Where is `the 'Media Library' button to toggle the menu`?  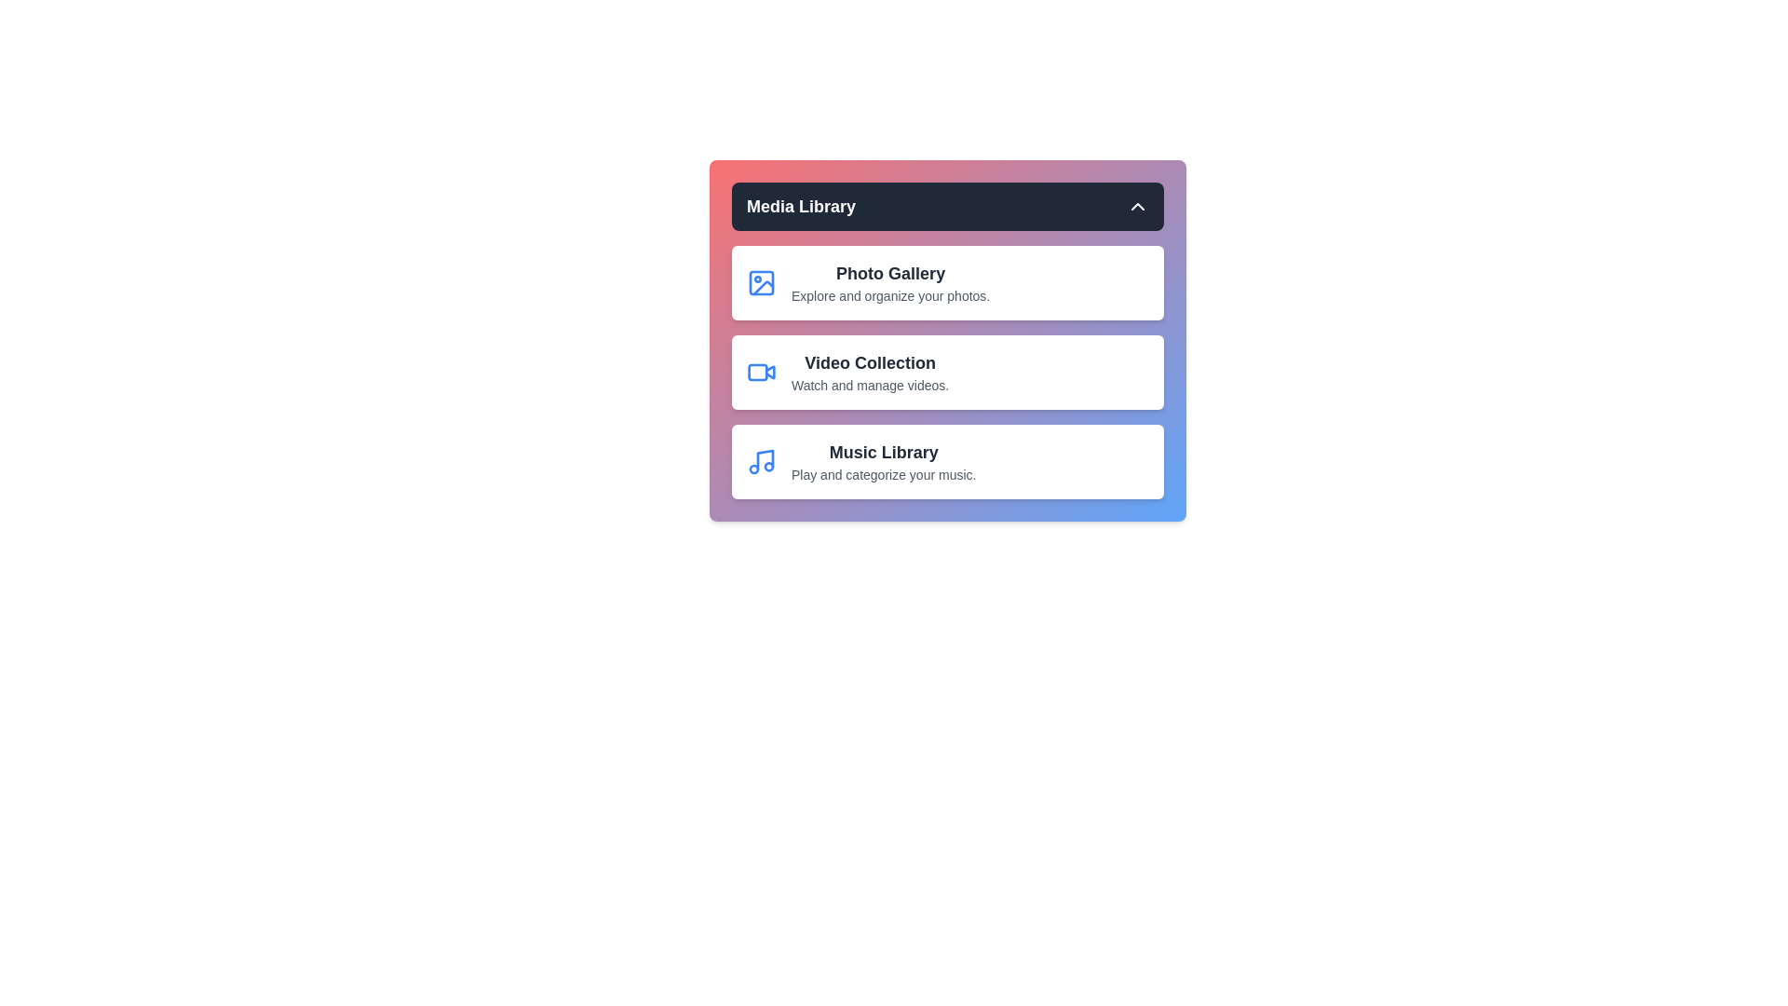 the 'Media Library' button to toggle the menu is located at coordinates (947, 207).